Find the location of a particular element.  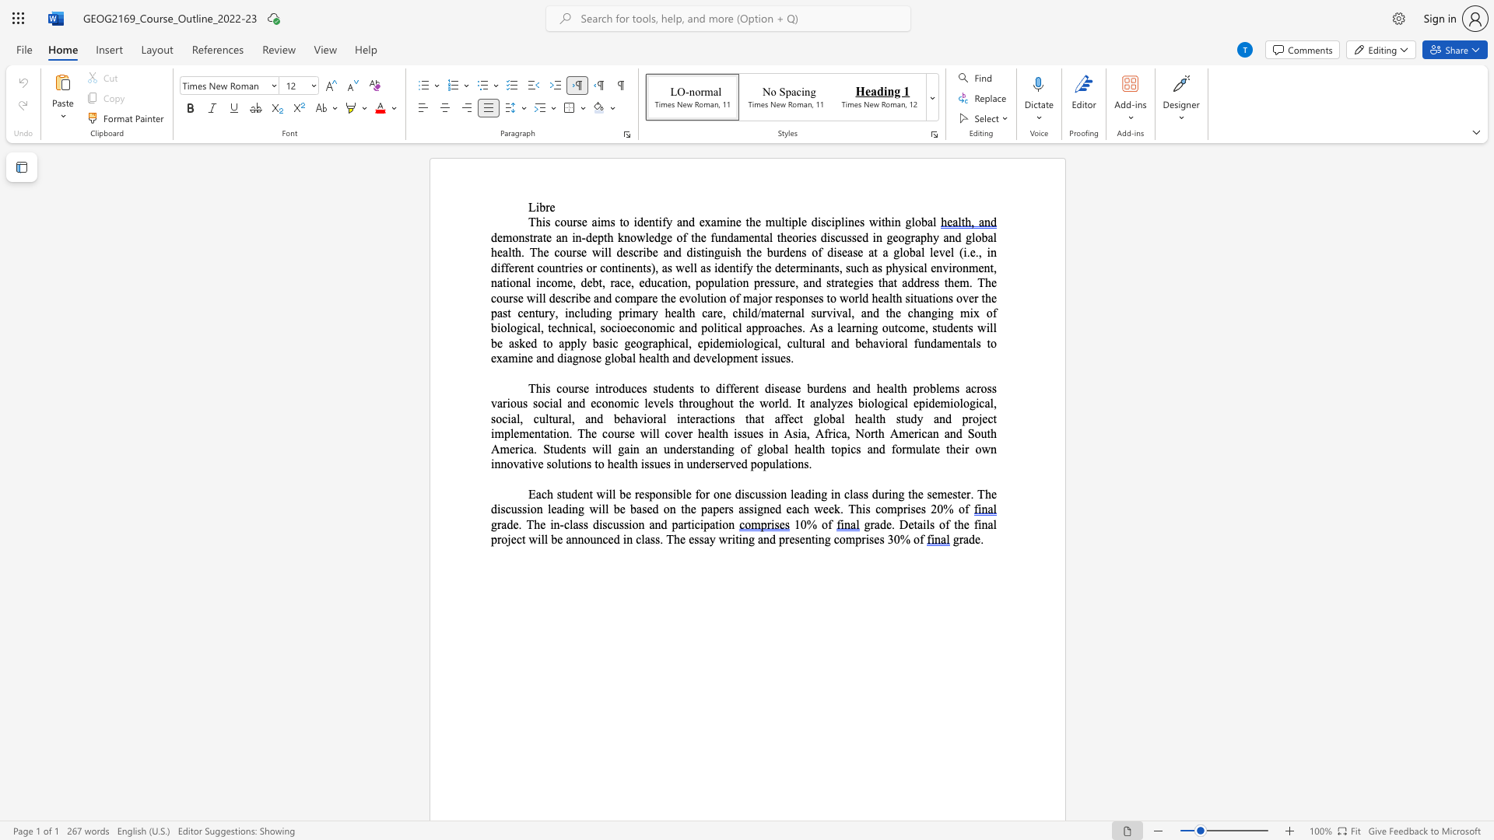

the 11th character "s" in the text is located at coordinates (515, 298).